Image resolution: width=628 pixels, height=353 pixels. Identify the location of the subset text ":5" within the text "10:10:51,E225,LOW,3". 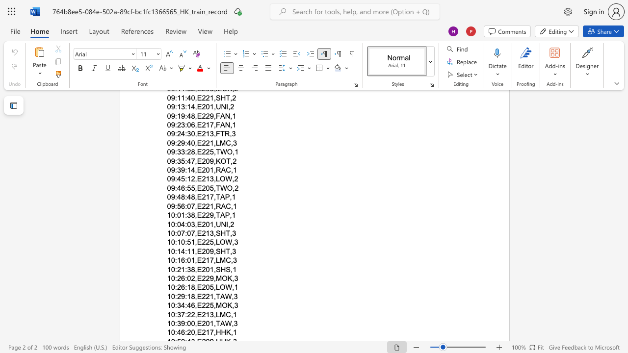
(185, 242).